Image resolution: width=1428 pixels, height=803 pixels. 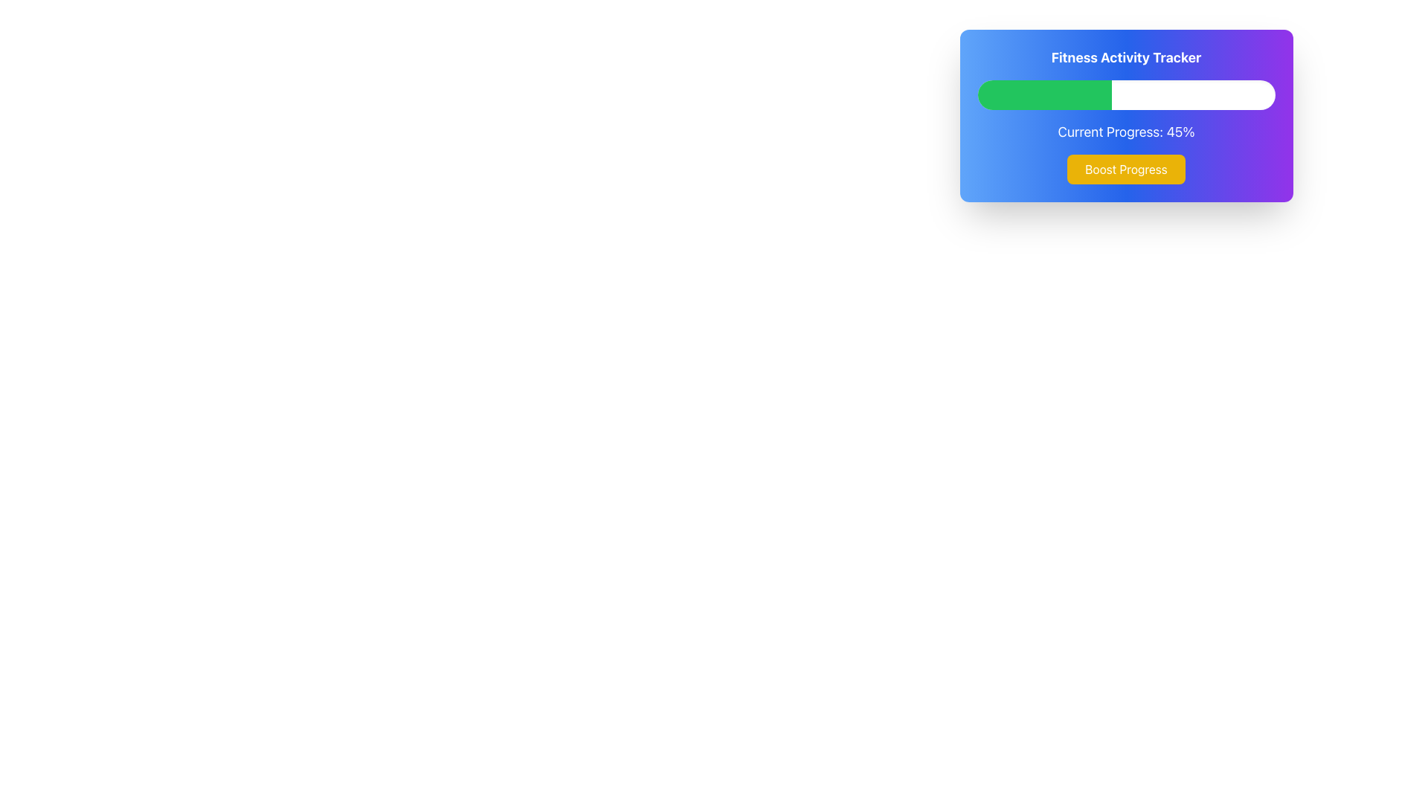 What do you see at coordinates (1126, 131) in the screenshot?
I see `the text display that shows the current progress percentage, which is located below the progress bar and above the 'Boost Progress' section in the upper-right card of the interface` at bounding box center [1126, 131].